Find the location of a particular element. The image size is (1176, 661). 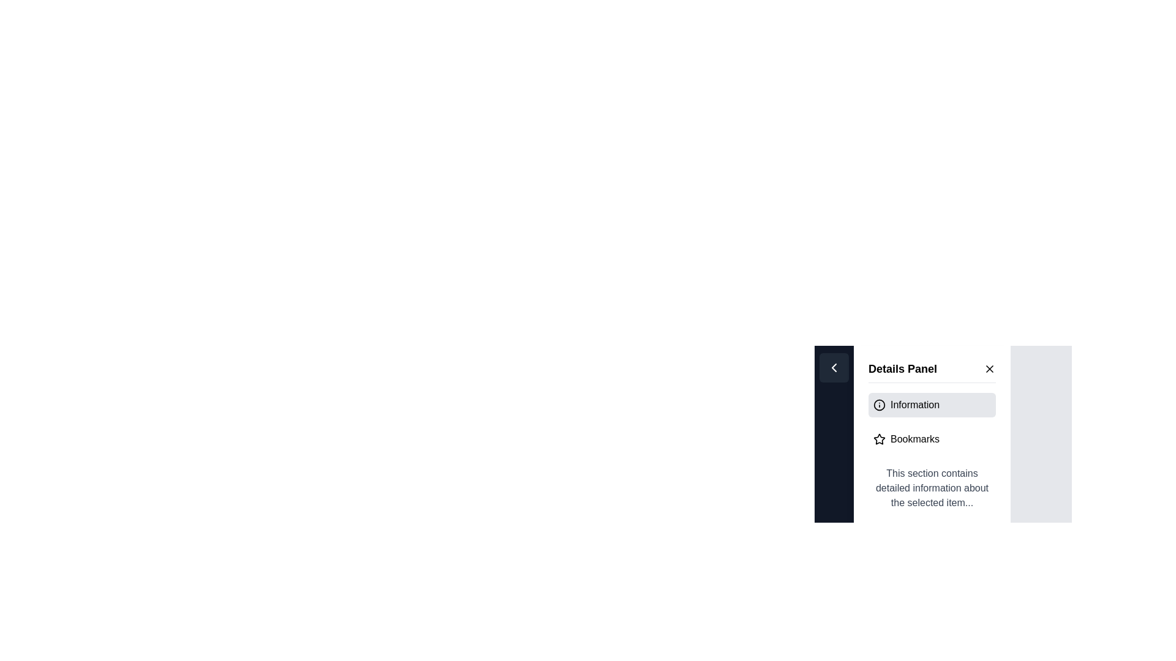

the circular information icon located at the beginning of the 'Information' section, which features an 'i' symbol inside a minimalistic design is located at coordinates (878, 405).